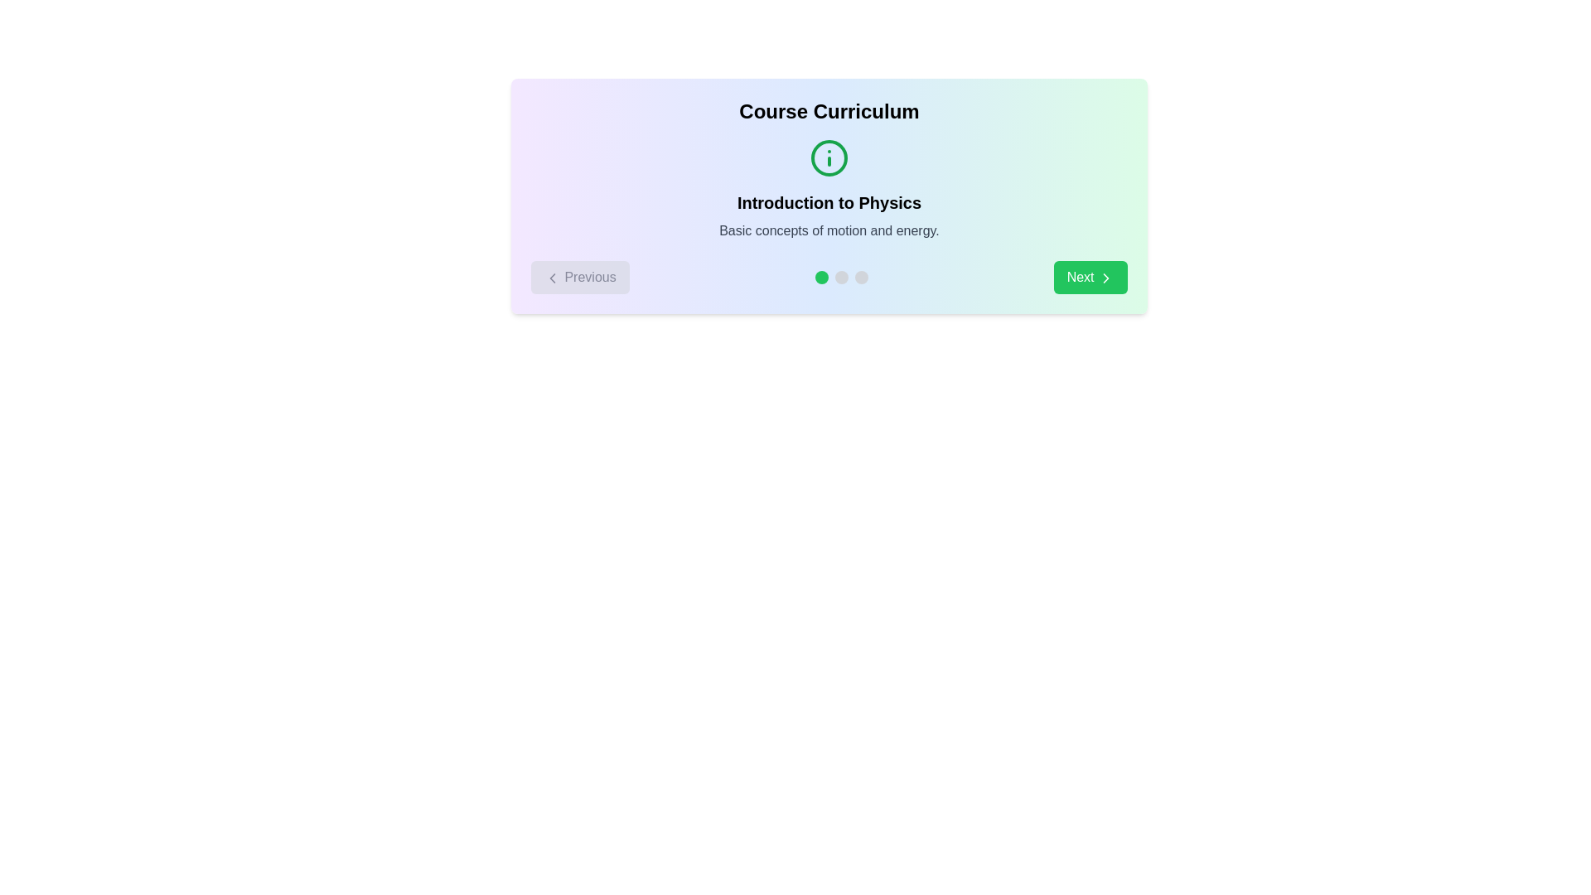 The image size is (1591, 895). I want to click on the text element reading 'Basic concepts of motion and energy.' which is styled in gray on a light background and positioned below 'Introduction to Physics', so click(829, 230).